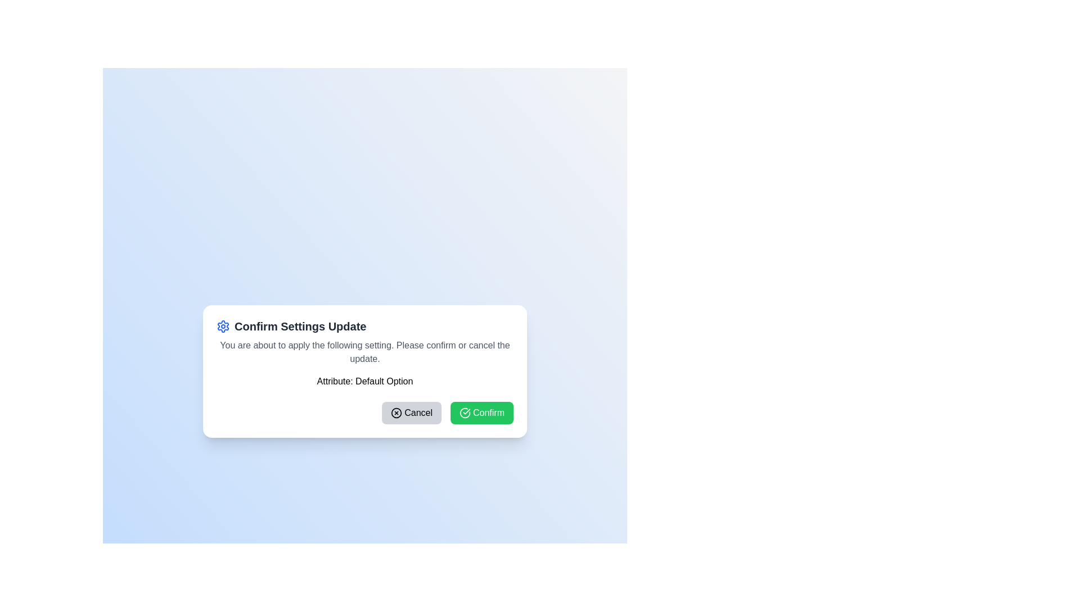  What do you see at coordinates (364, 380) in the screenshot?
I see `the label displaying a specific attribute and its value in the modal dialog titled 'Confirm Settings Update', located below the instructional text and above the action buttons` at bounding box center [364, 380].